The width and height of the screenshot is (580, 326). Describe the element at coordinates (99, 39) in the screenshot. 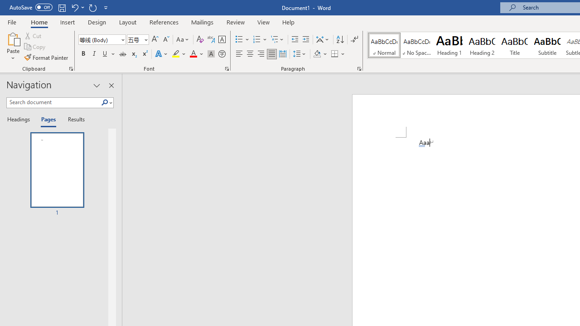

I see `'Font'` at that location.